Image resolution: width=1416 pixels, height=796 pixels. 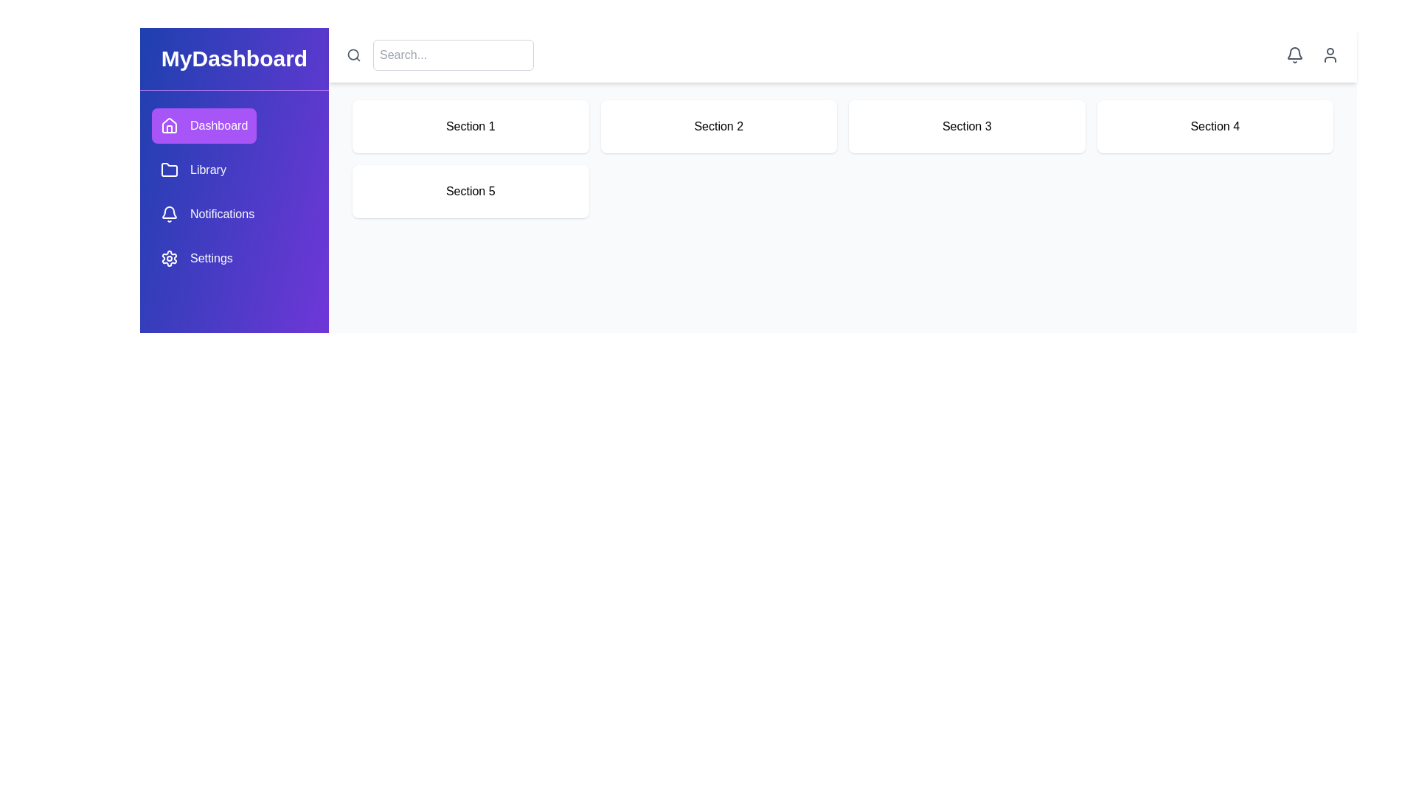 What do you see at coordinates (170, 258) in the screenshot?
I see `the cogwheel icon in the sidebar menu, which is colored with a gradient of blue and purple shades` at bounding box center [170, 258].